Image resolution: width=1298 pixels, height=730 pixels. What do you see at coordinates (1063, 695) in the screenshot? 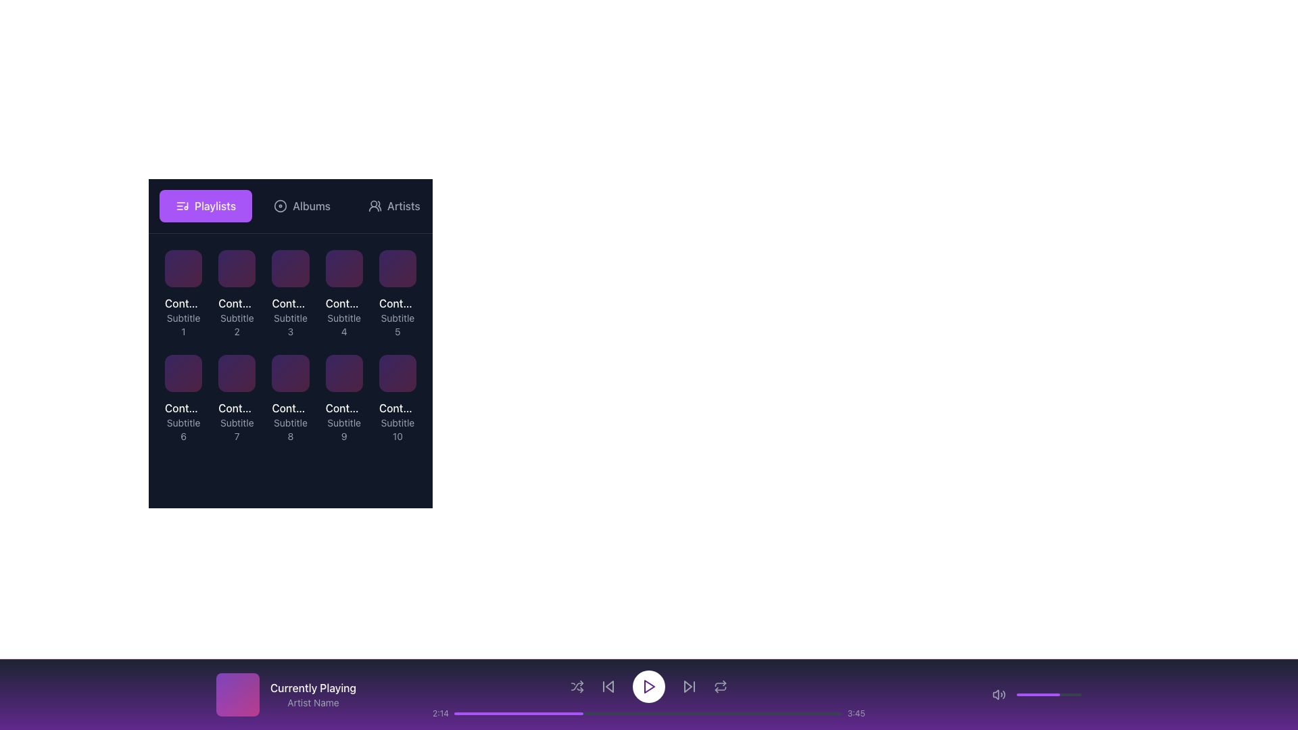
I see `the volume slider` at bounding box center [1063, 695].